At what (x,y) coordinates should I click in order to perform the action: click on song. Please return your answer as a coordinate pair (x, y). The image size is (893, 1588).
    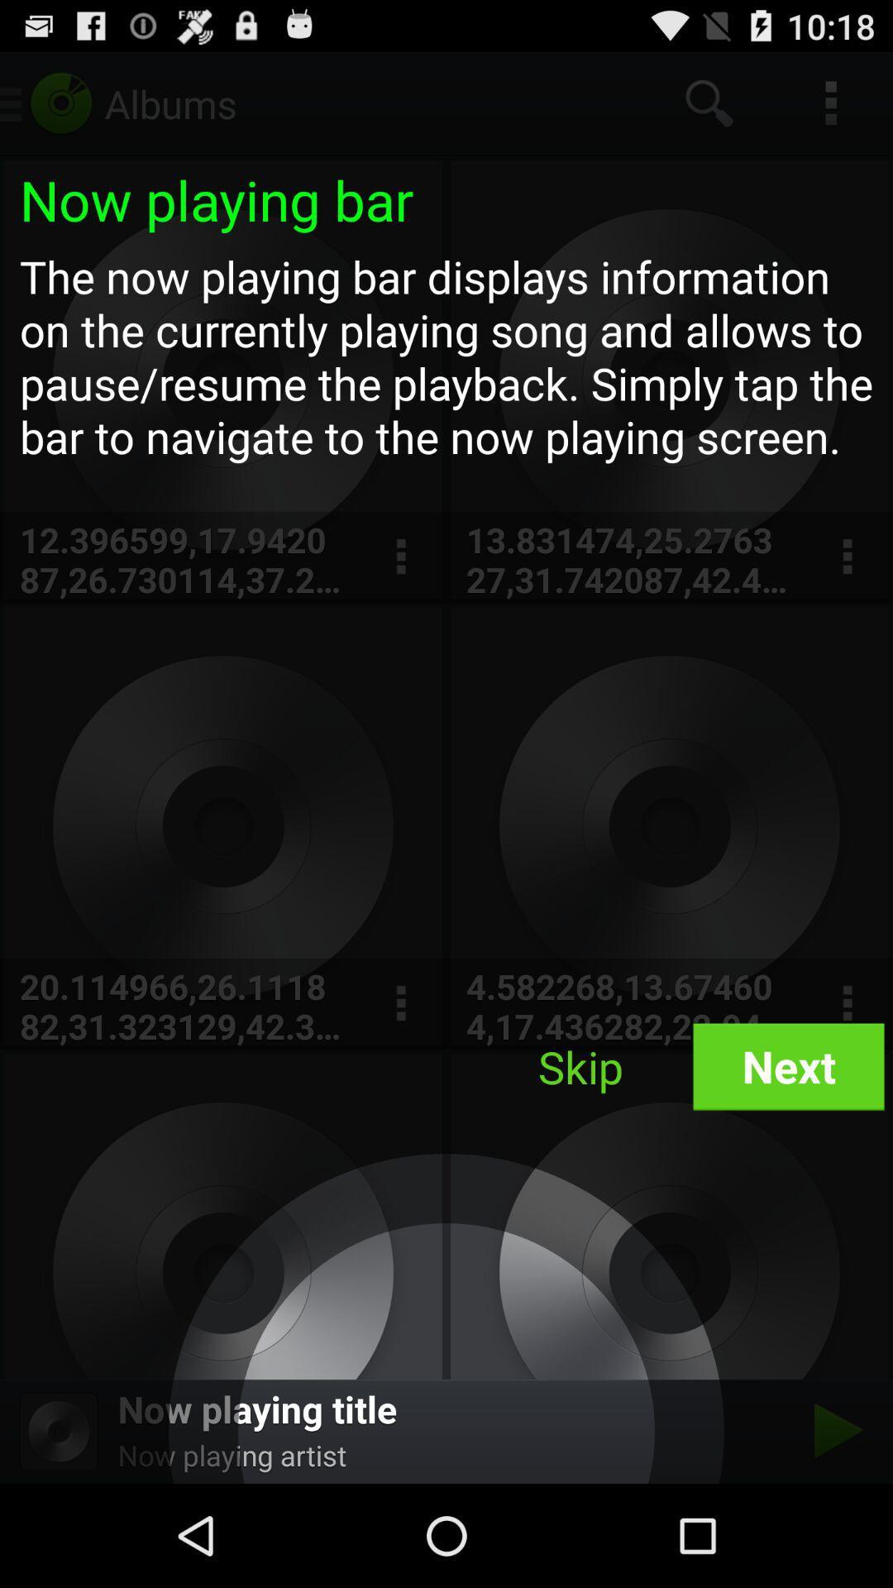
    Looking at the image, I should click on (833, 1430).